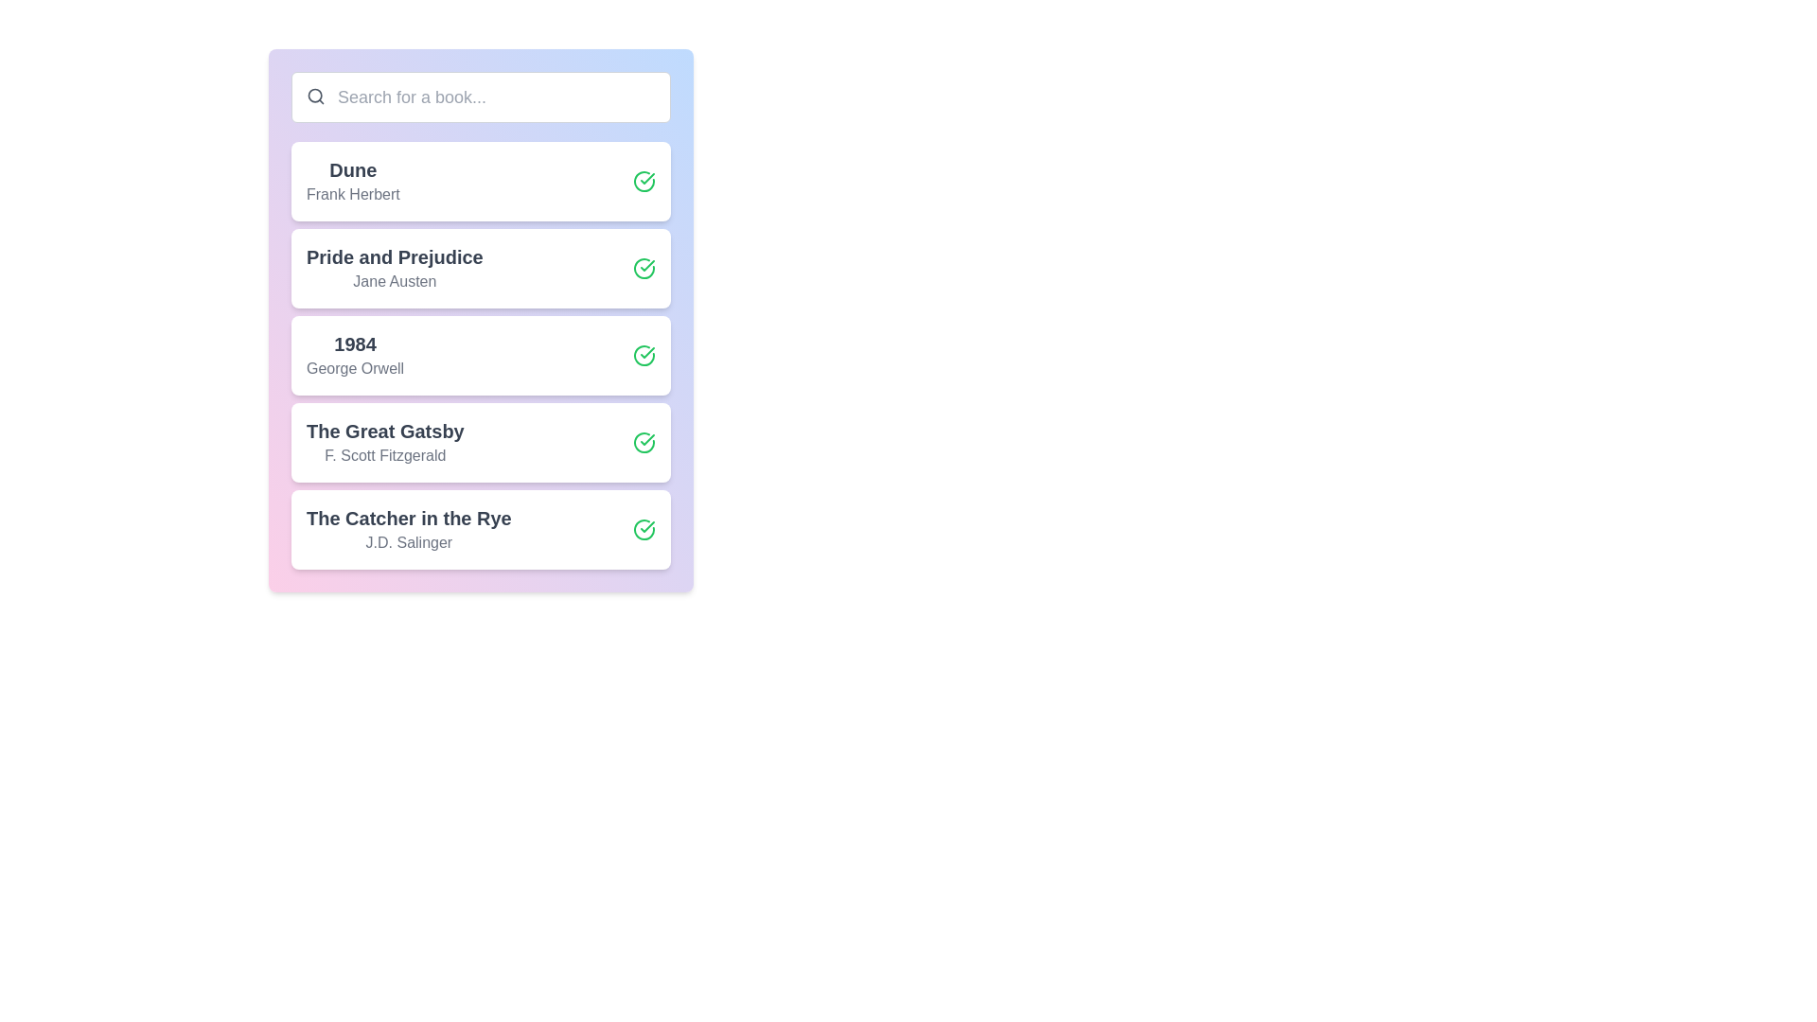  What do you see at coordinates (647, 440) in the screenshot?
I see `the status icon indicating a completed or selected status for the fourth list item in the vertical list` at bounding box center [647, 440].